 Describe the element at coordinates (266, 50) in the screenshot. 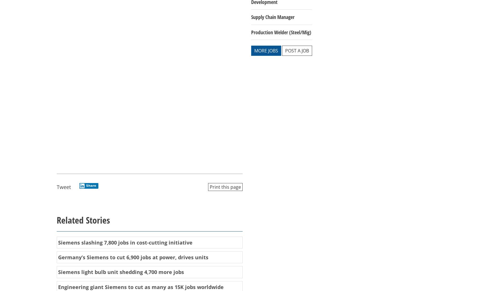

I see `'MORE JOBS'` at that location.